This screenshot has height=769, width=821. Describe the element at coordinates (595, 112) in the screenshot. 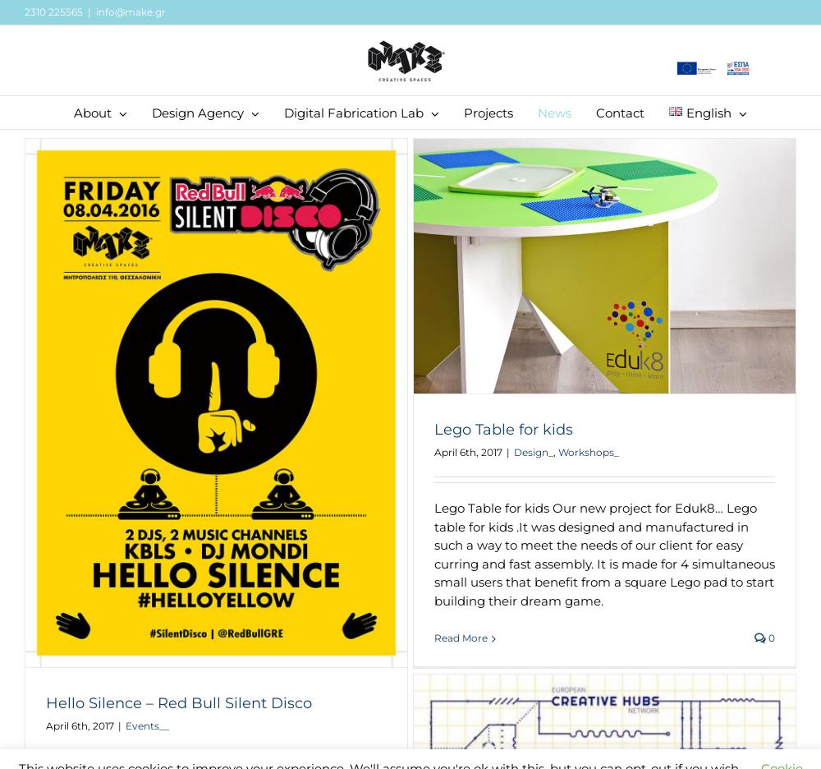

I see `'Contact'` at that location.